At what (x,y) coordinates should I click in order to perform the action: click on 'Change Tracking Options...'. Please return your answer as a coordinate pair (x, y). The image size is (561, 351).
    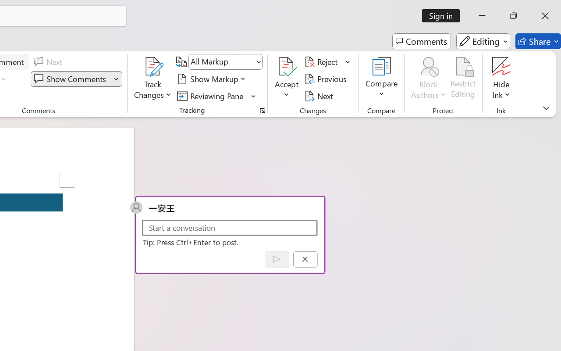
    Looking at the image, I should click on (262, 110).